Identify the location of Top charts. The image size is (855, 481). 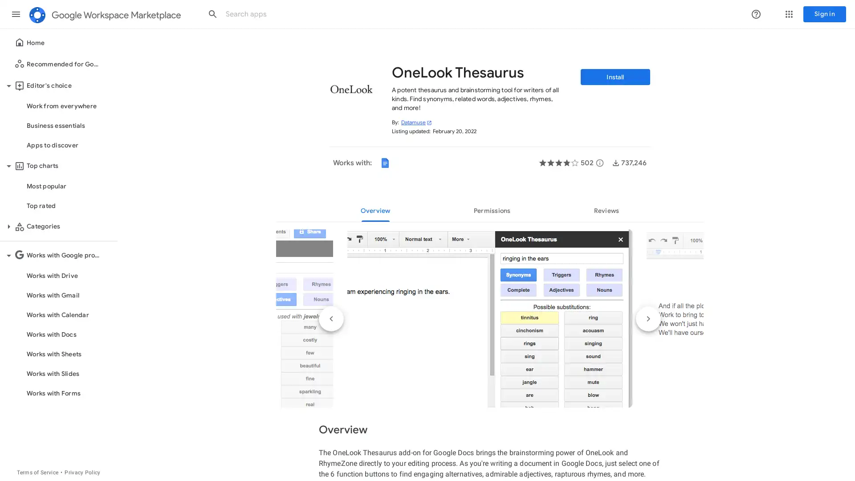
(8, 166).